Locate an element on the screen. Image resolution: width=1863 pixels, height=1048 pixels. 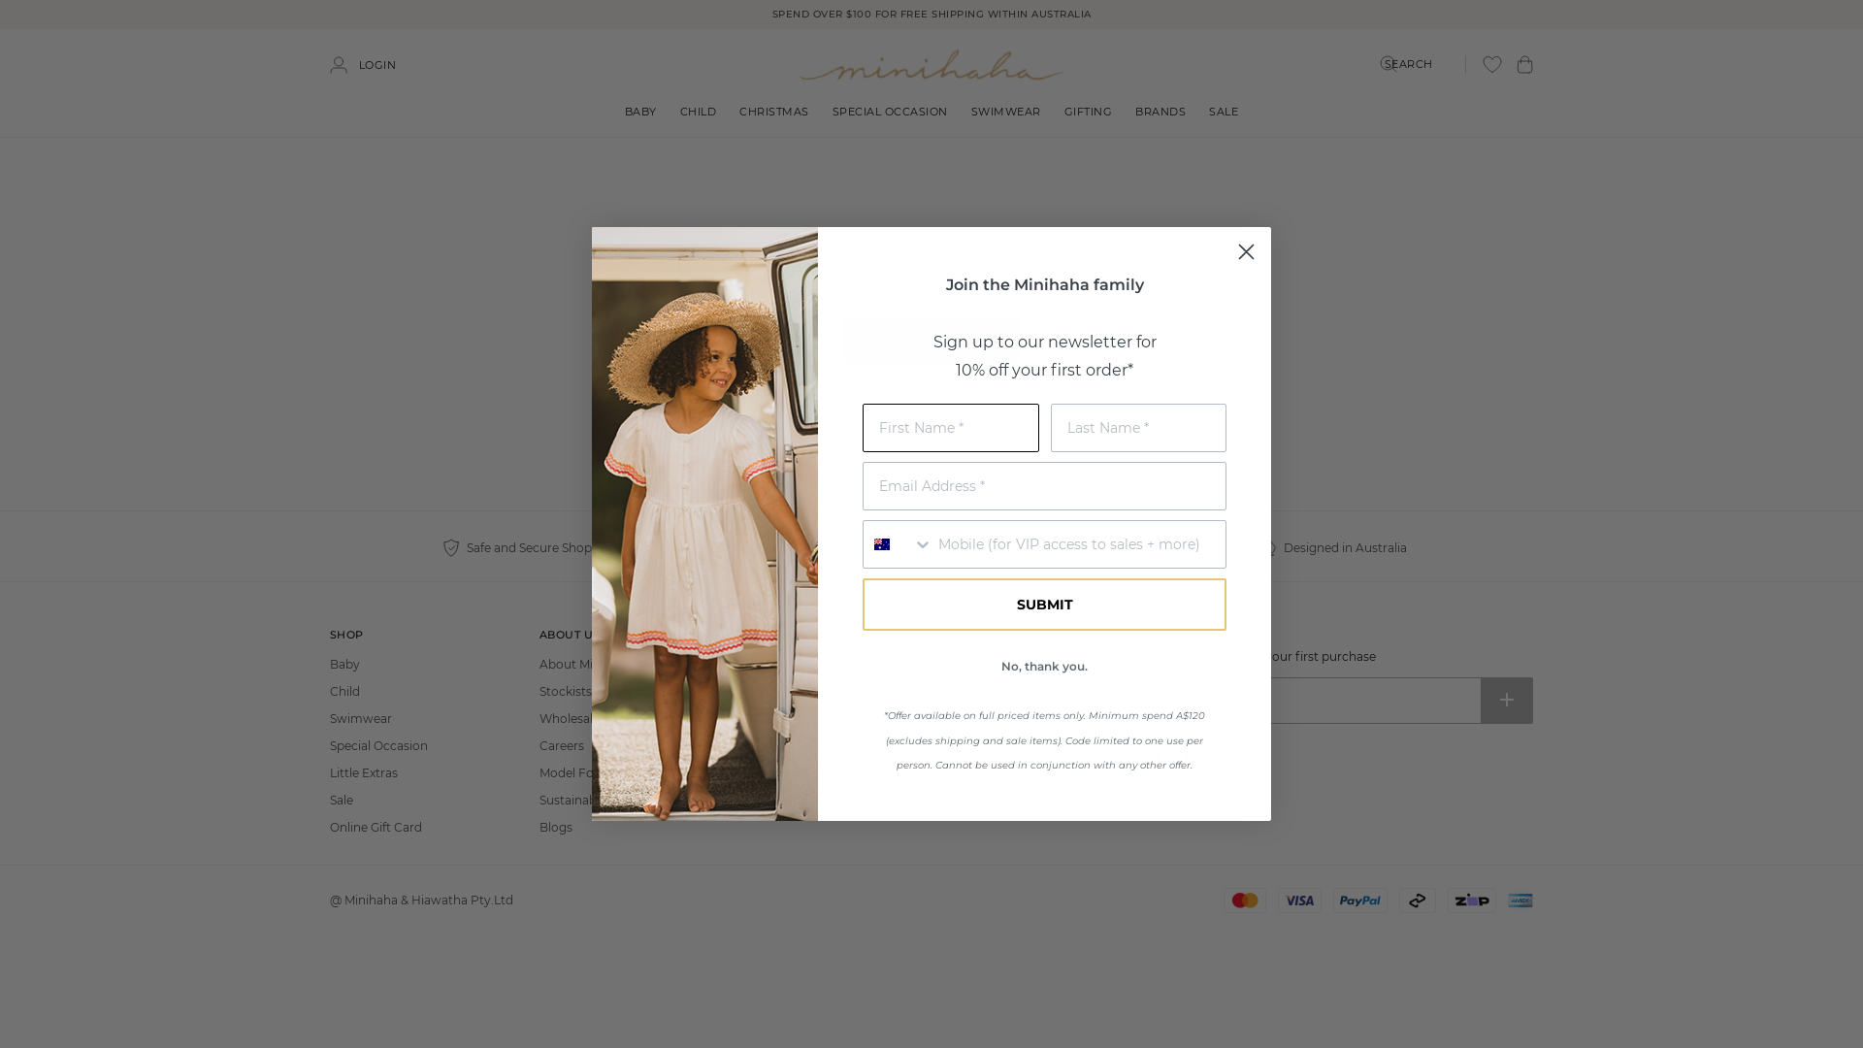
'Wholesale Enquiry' is located at coordinates (539, 718).